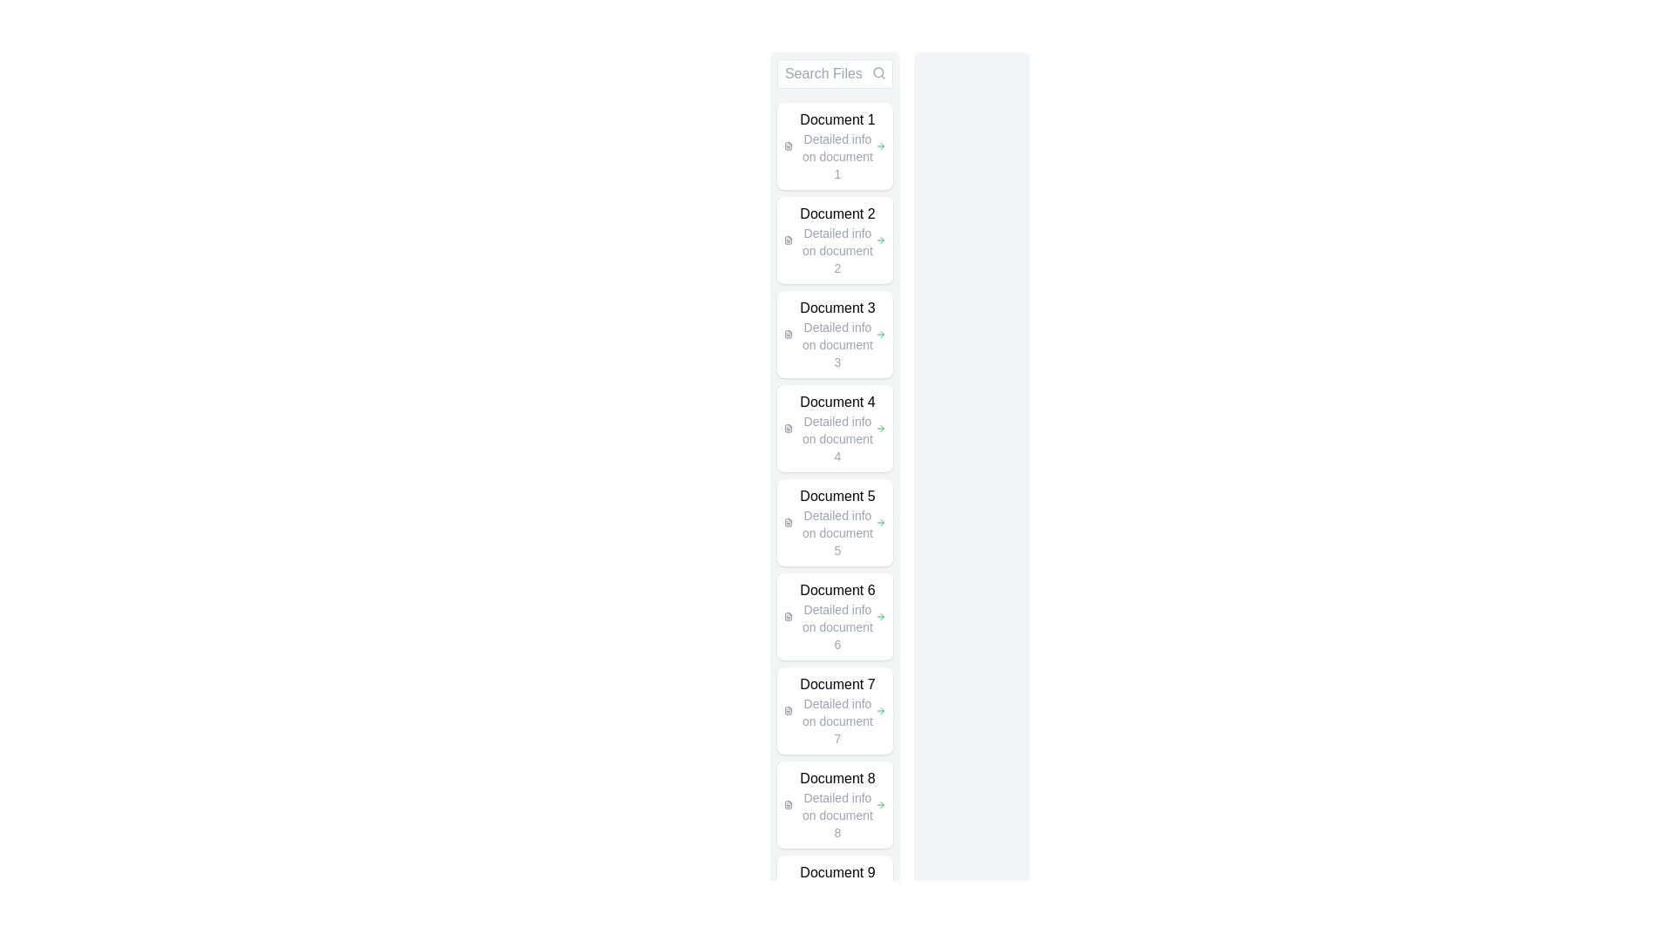 The image size is (1673, 941). I want to click on the list item representing 'Document 1' located at the top of the vertical list in the left panel, so click(837, 146).